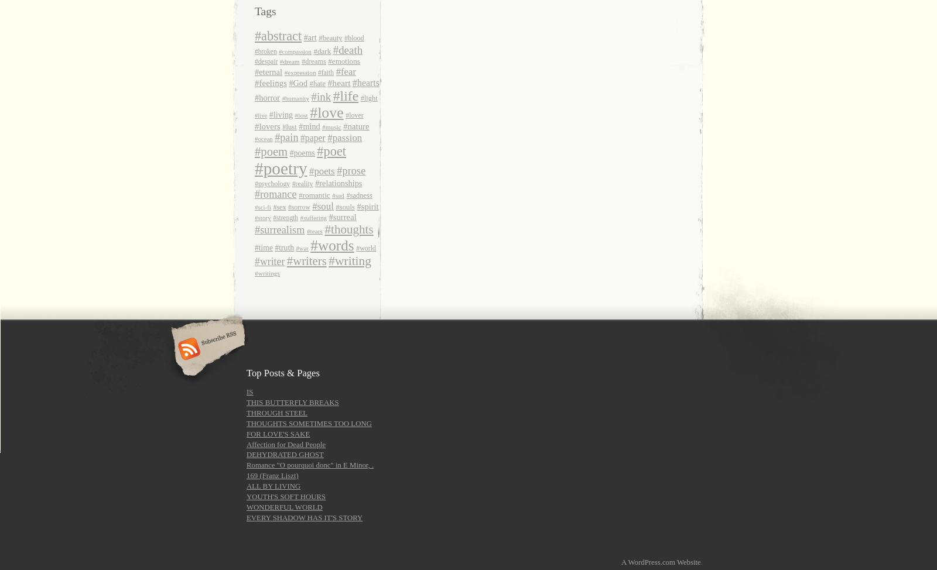  Describe the element at coordinates (245, 470) in the screenshot. I see `'Romance "O pourquoi donc" in E Minor, . 169 (Franz Liszt)'` at that location.